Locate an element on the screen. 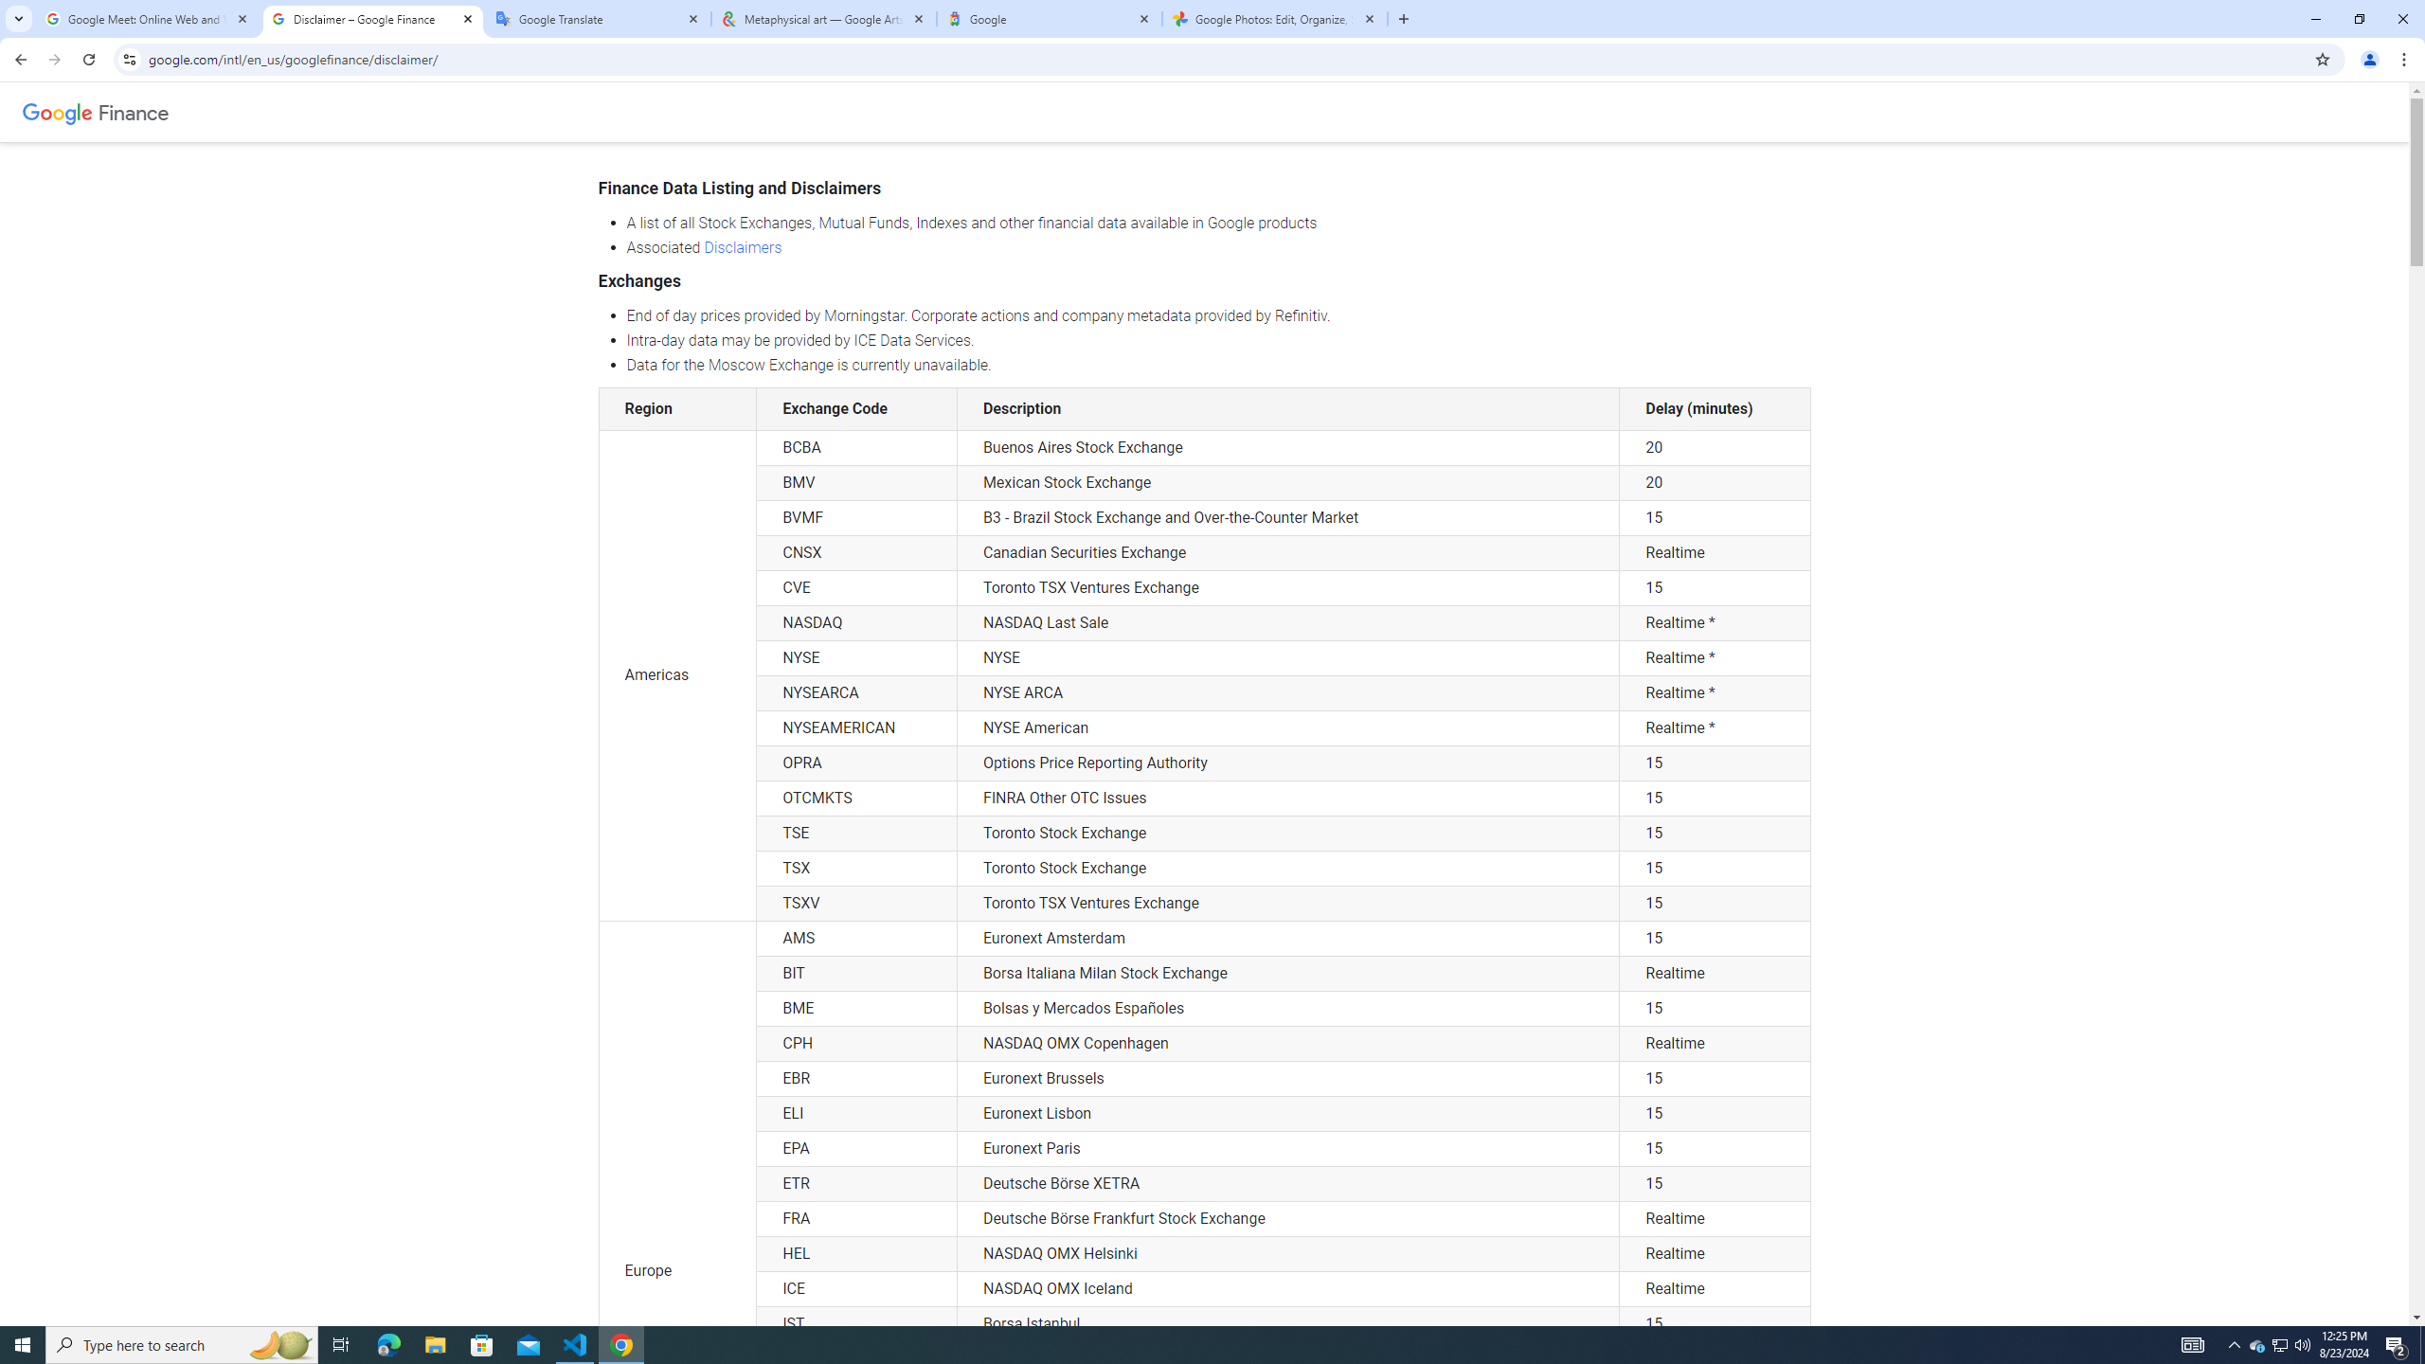  'NASDAQ' is located at coordinates (856, 623).